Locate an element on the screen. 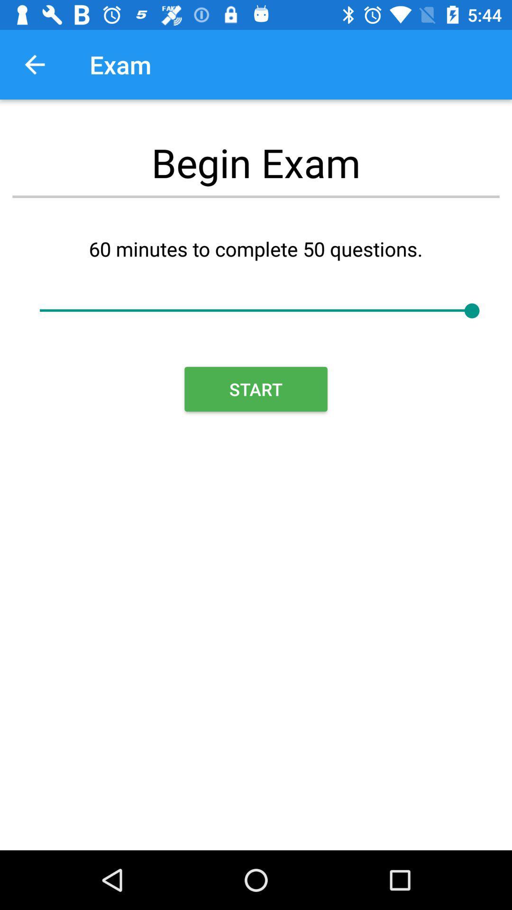 This screenshot has height=910, width=512. start item is located at coordinates (256, 389).